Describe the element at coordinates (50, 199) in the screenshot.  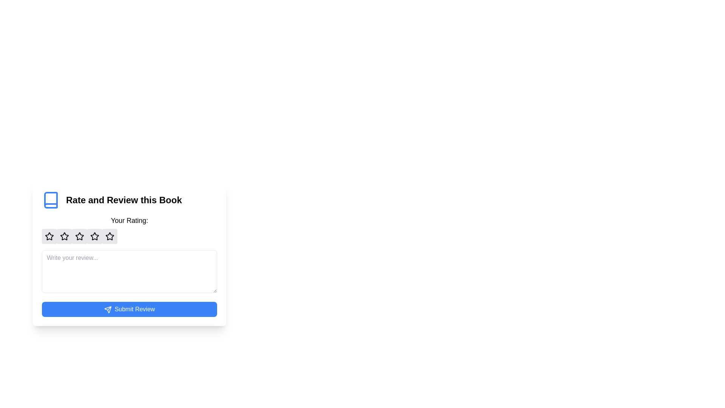
I see `the blue outlined book icon located to the far left of the 'Rate and Review this Book' section for additional details` at that location.